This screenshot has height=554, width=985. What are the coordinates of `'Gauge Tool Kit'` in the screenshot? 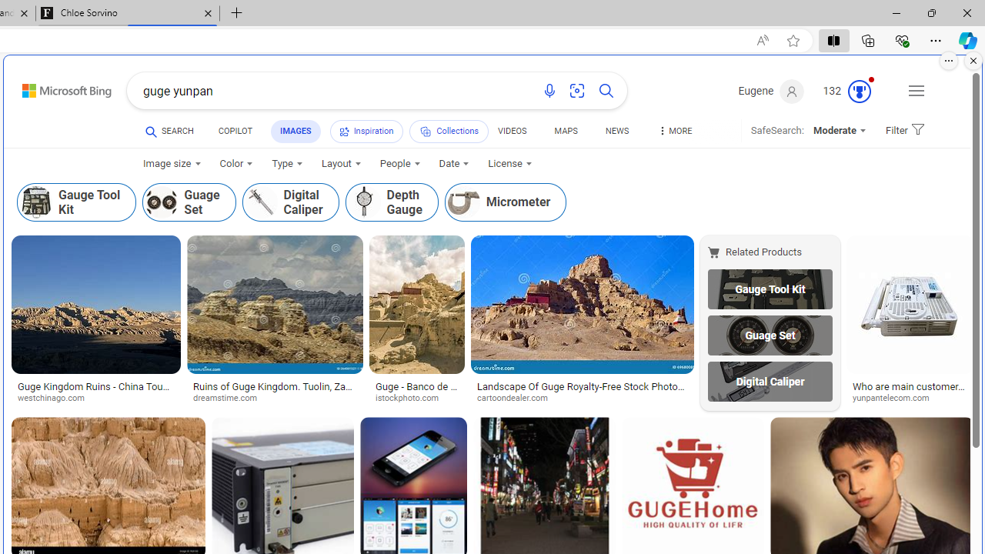 It's located at (770, 289).